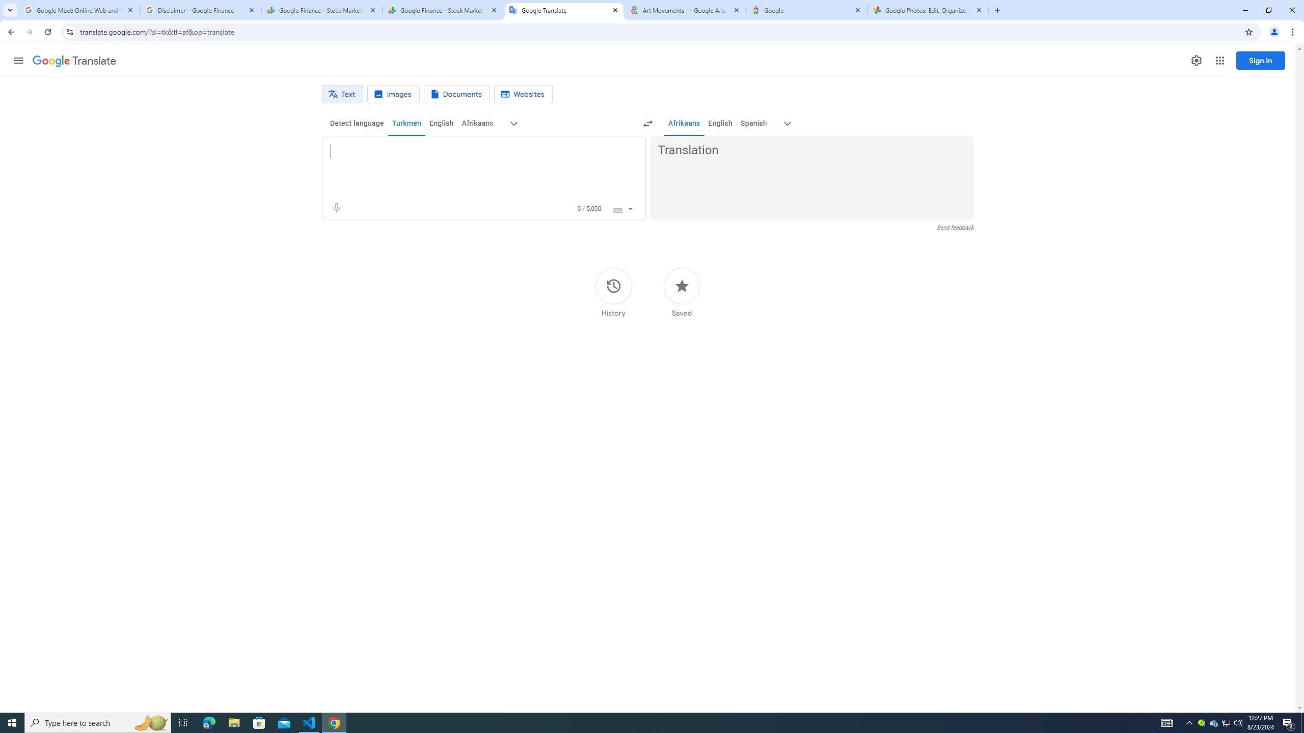 This screenshot has height=733, width=1304. I want to click on 'Swap languages (Ctrl+Shift+S)', so click(647, 123).